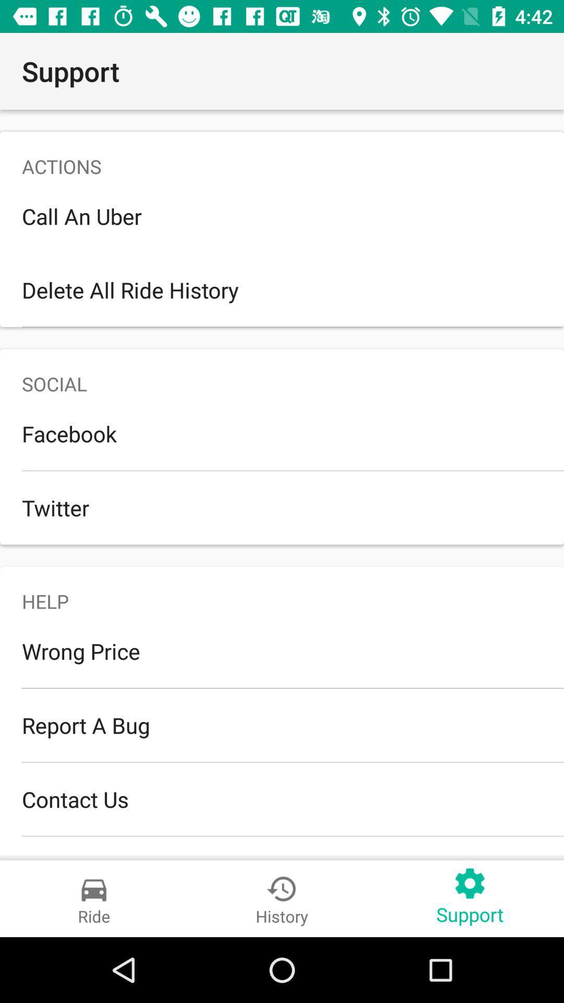 The width and height of the screenshot is (564, 1003). What do you see at coordinates (282, 845) in the screenshot?
I see `the join beta team` at bounding box center [282, 845].